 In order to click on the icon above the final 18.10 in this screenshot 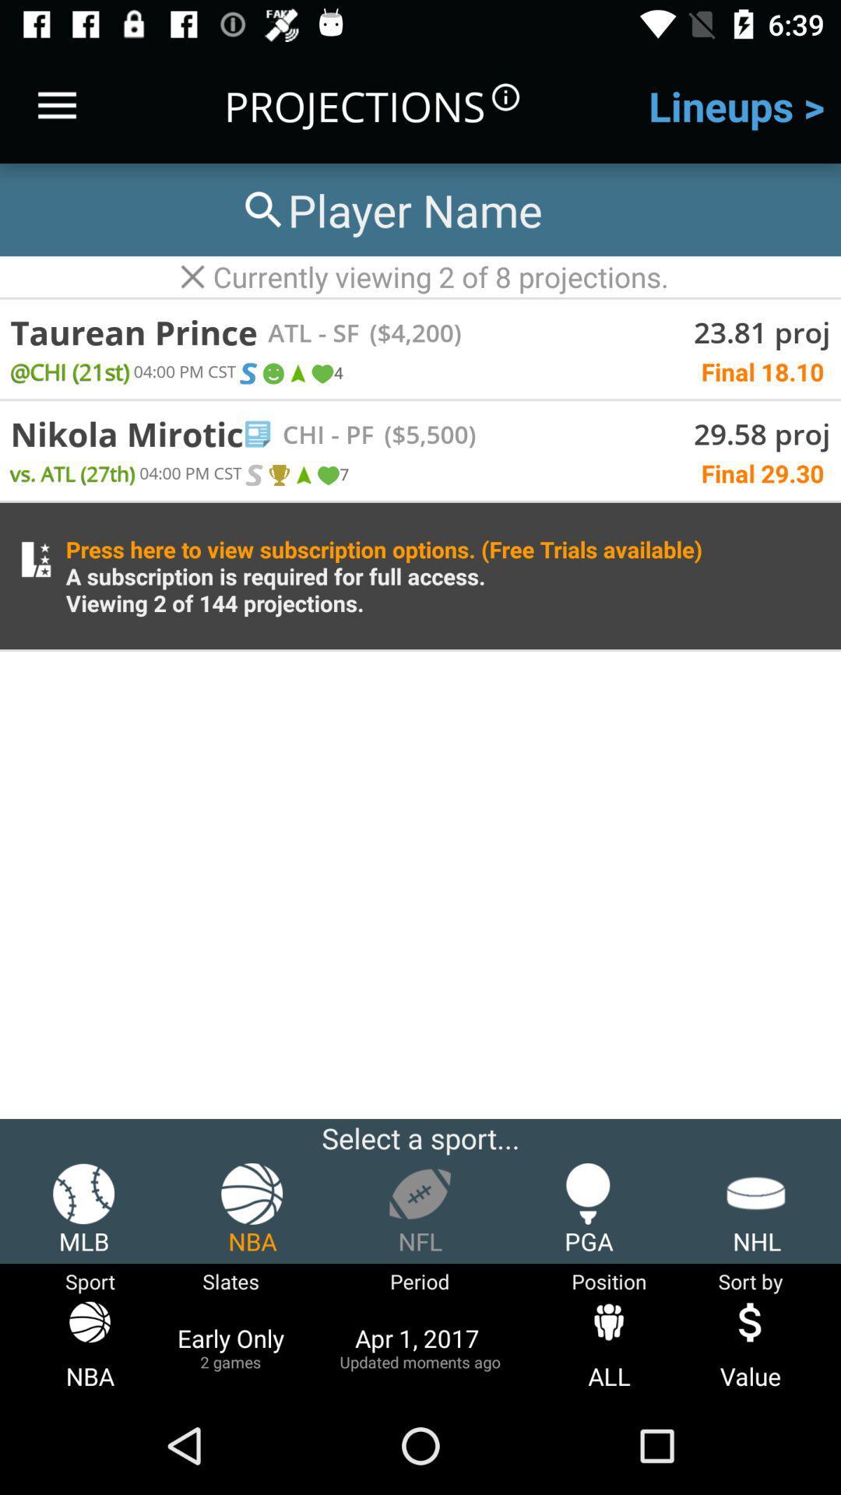, I will do `click(409, 332)`.